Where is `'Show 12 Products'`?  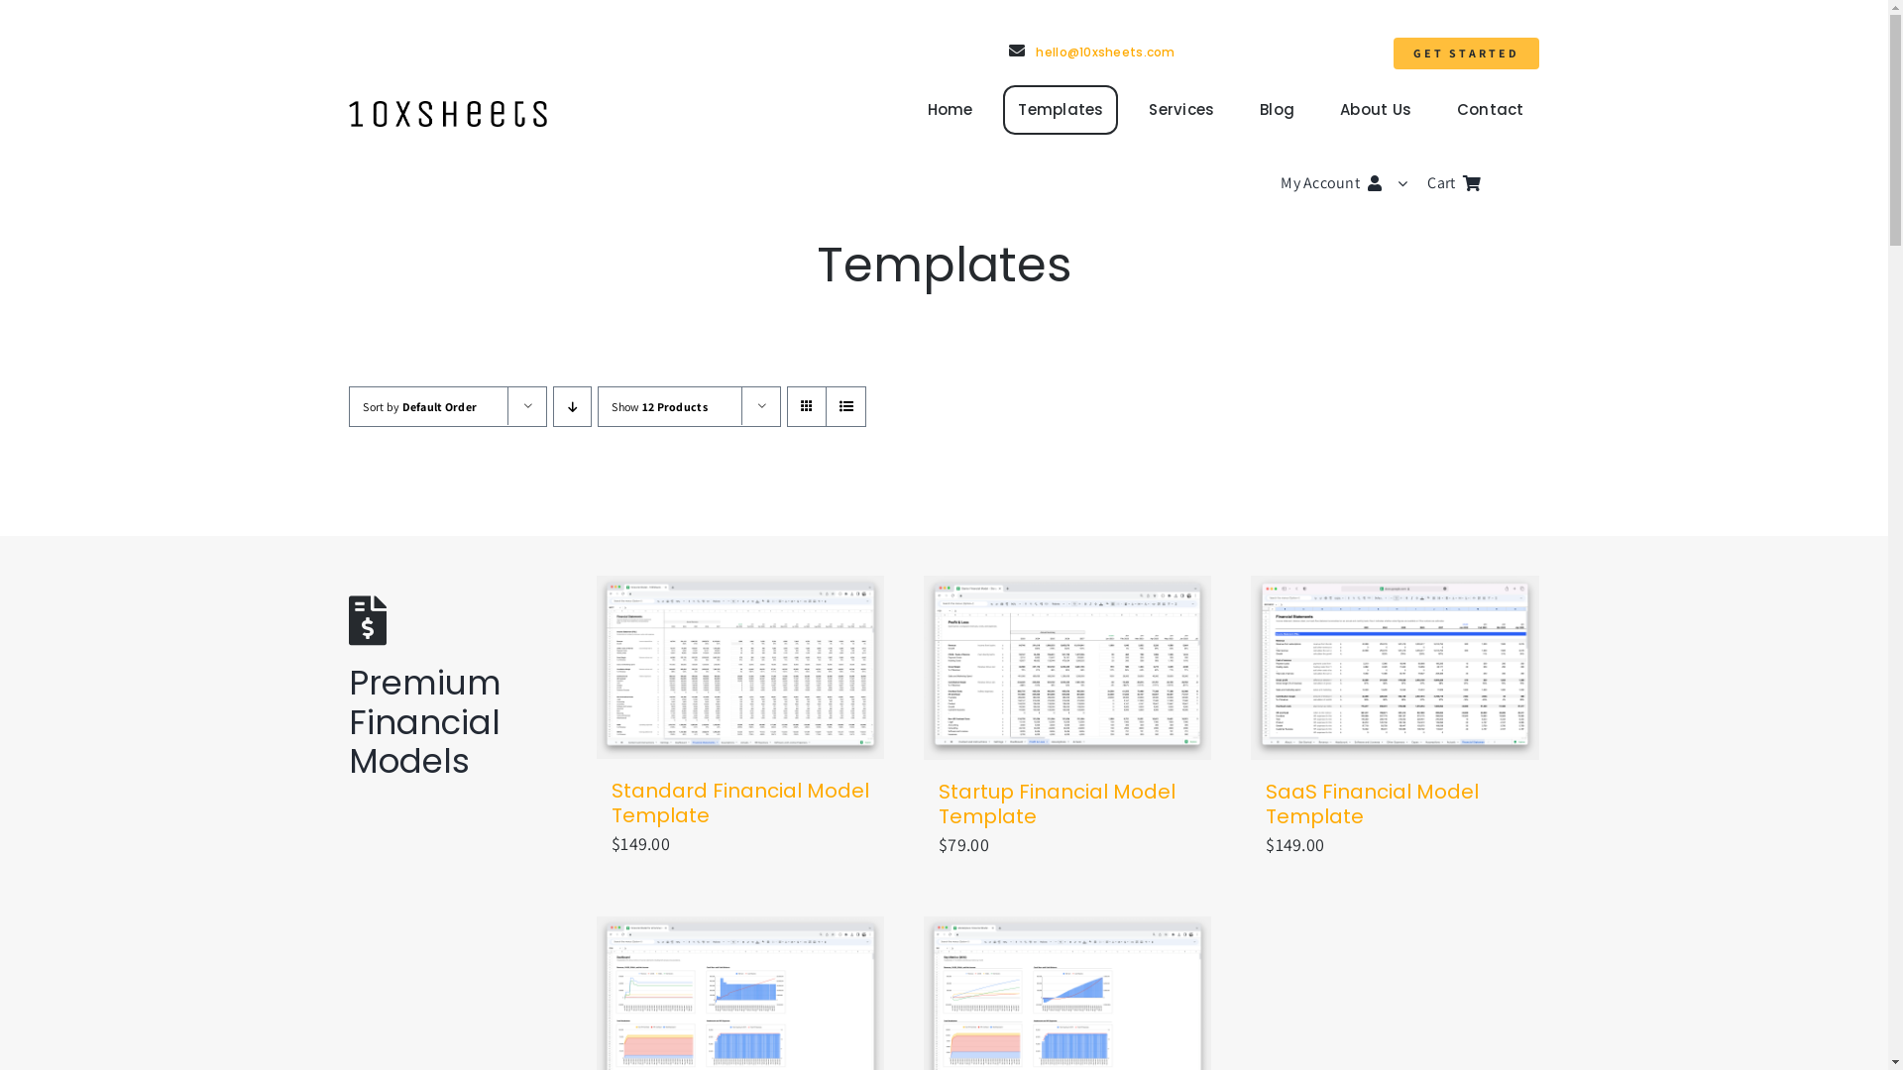 'Show 12 Products' is located at coordinates (659, 405).